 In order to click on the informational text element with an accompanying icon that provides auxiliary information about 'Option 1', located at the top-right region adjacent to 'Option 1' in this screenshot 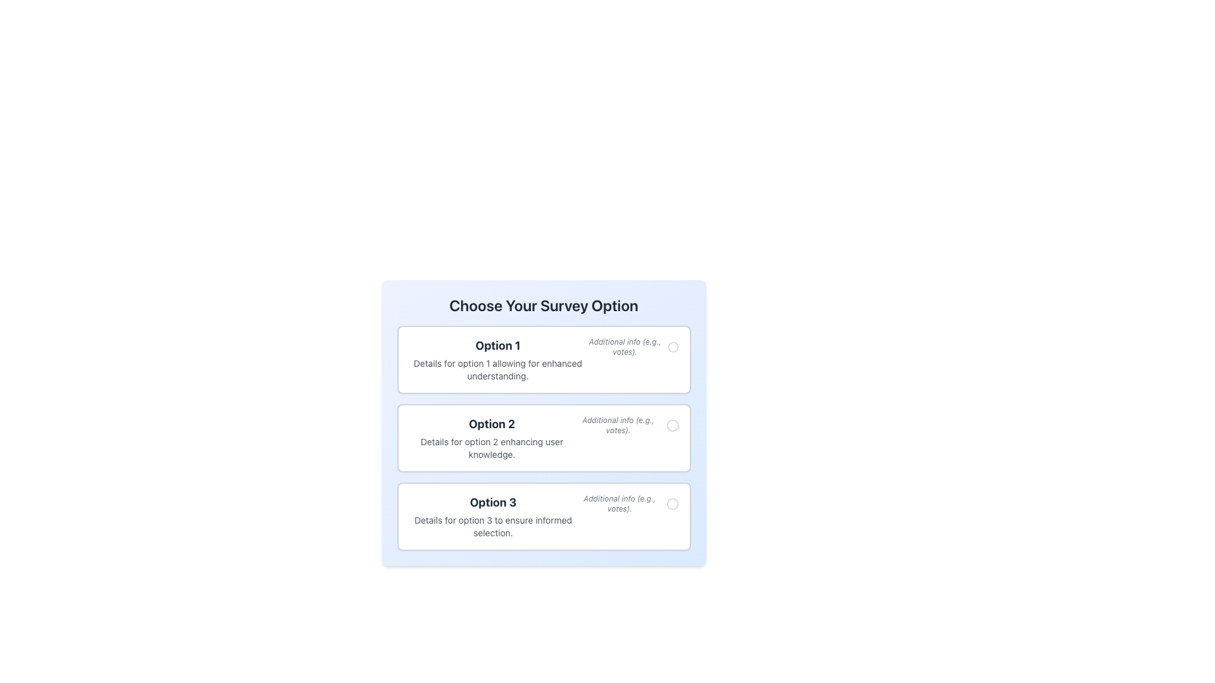, I will do `click(633, 347)`.